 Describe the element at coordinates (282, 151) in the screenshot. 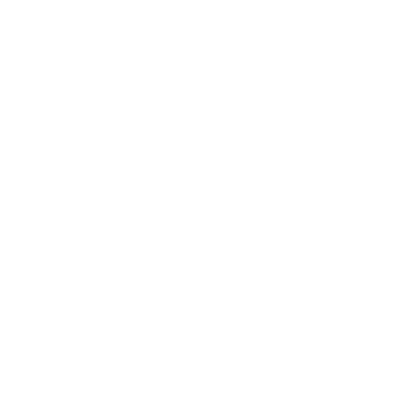

I see `'Resources'` at that location.